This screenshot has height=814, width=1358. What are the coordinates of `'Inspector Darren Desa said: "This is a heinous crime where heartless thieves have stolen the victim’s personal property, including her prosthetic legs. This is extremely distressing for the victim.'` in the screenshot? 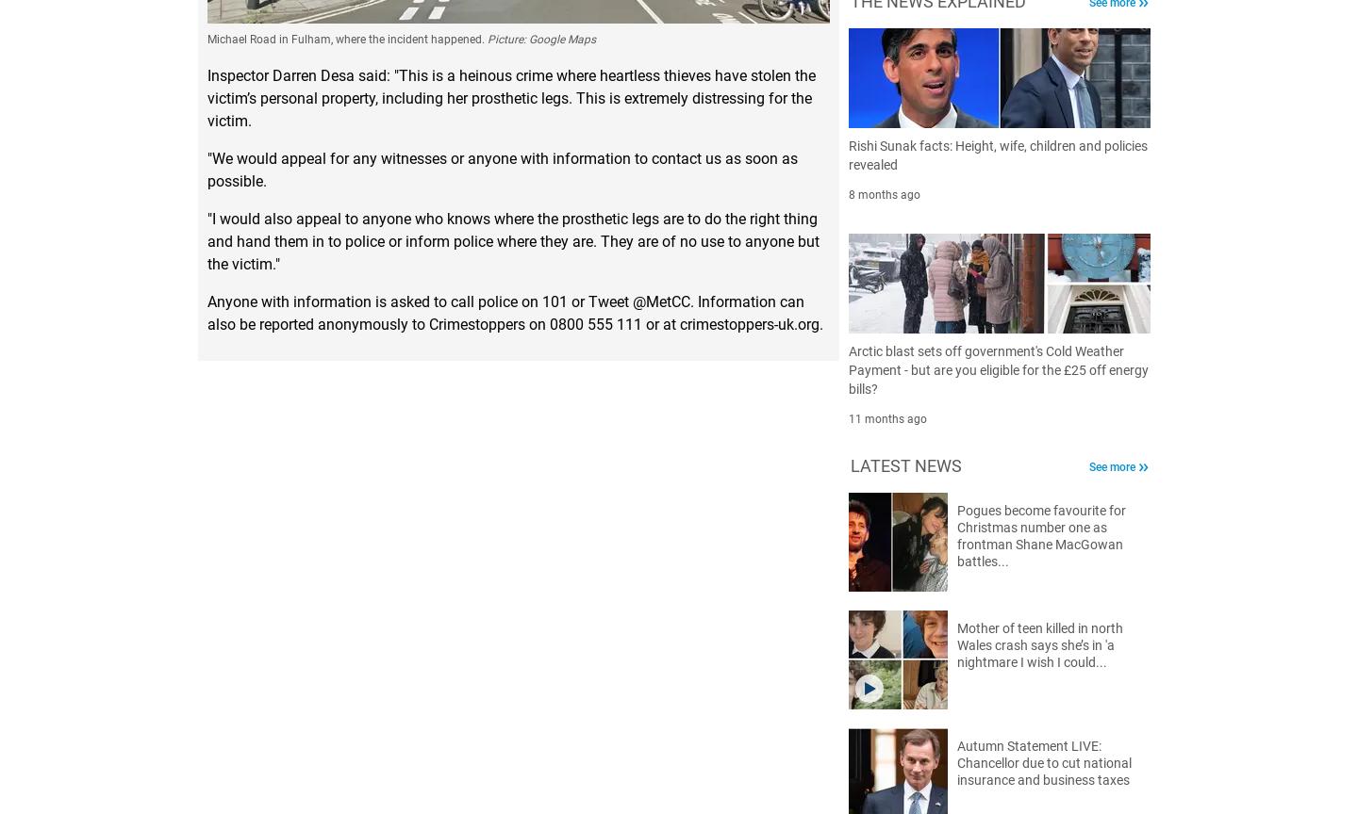 It's located at (511, 98).